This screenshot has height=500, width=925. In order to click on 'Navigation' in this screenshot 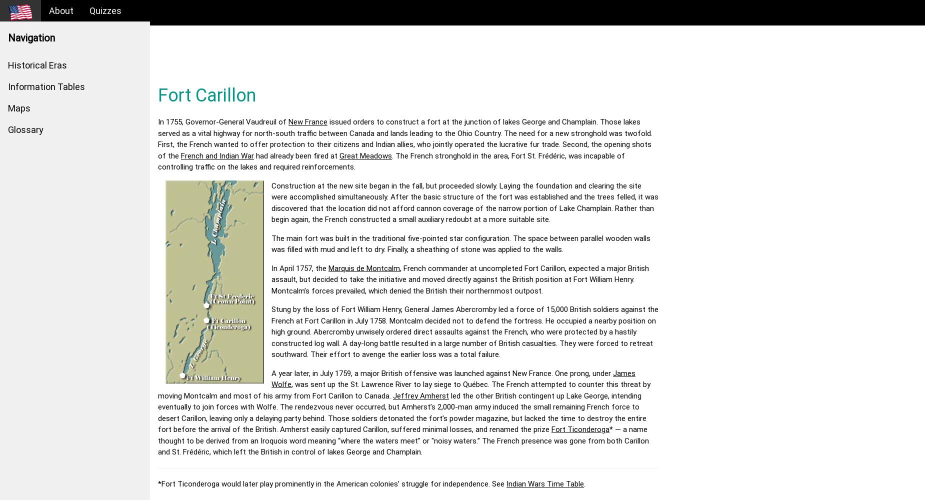, I will do `click(31, 37)`.